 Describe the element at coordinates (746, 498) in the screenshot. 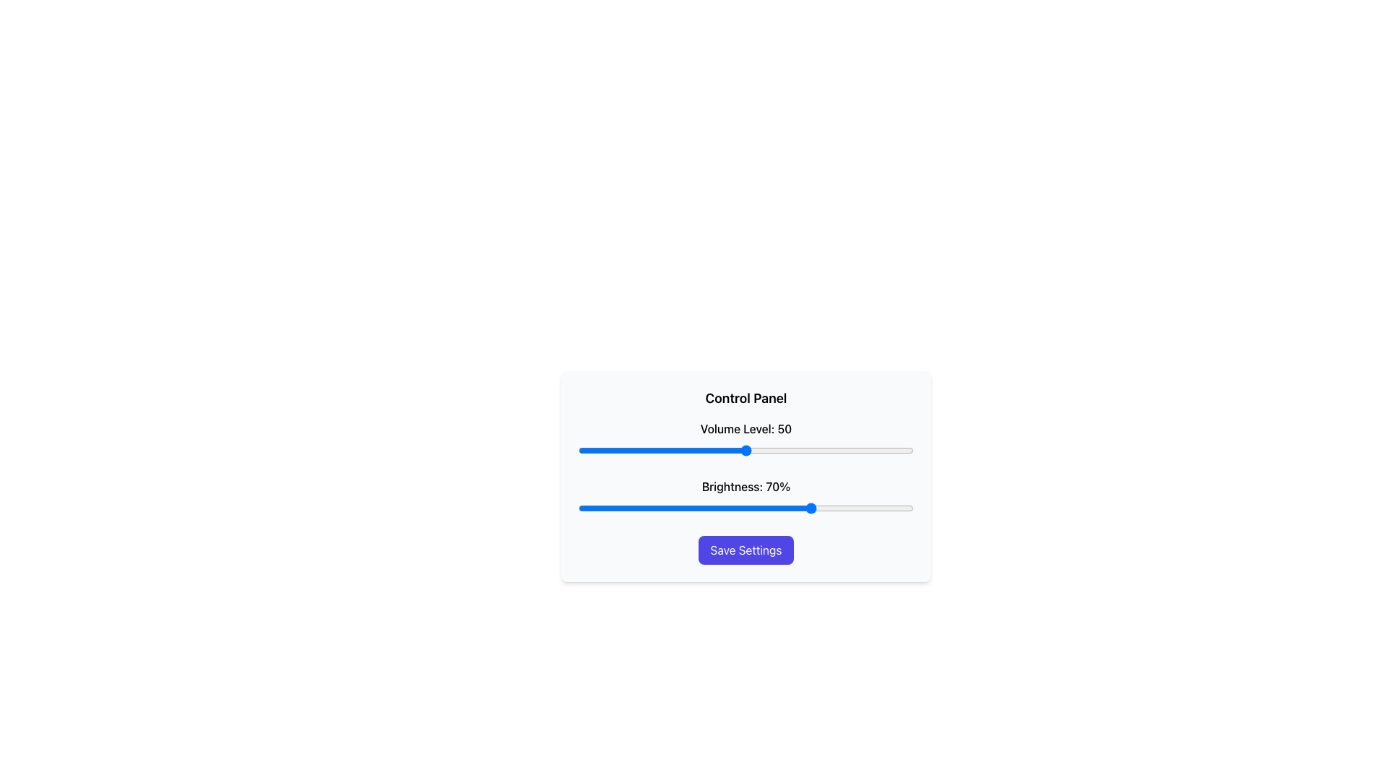

I see `the blue slider bar labeled 'Brightness: 70%'` at that location.